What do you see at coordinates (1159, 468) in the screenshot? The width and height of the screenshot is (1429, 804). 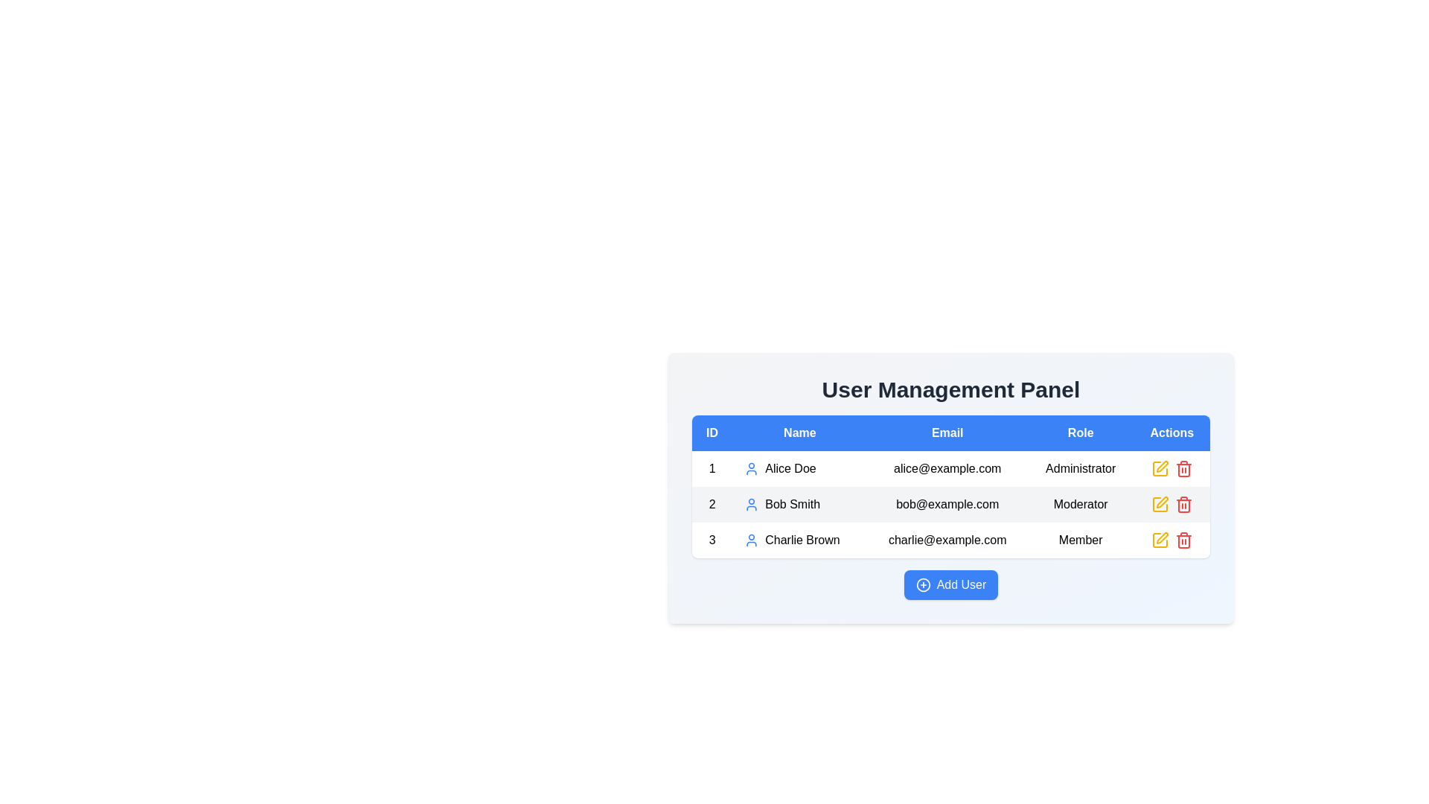 I see `the yellow pen icon in the Actions column for user 'Alice Doe'` at bounding box center [1159, 468].